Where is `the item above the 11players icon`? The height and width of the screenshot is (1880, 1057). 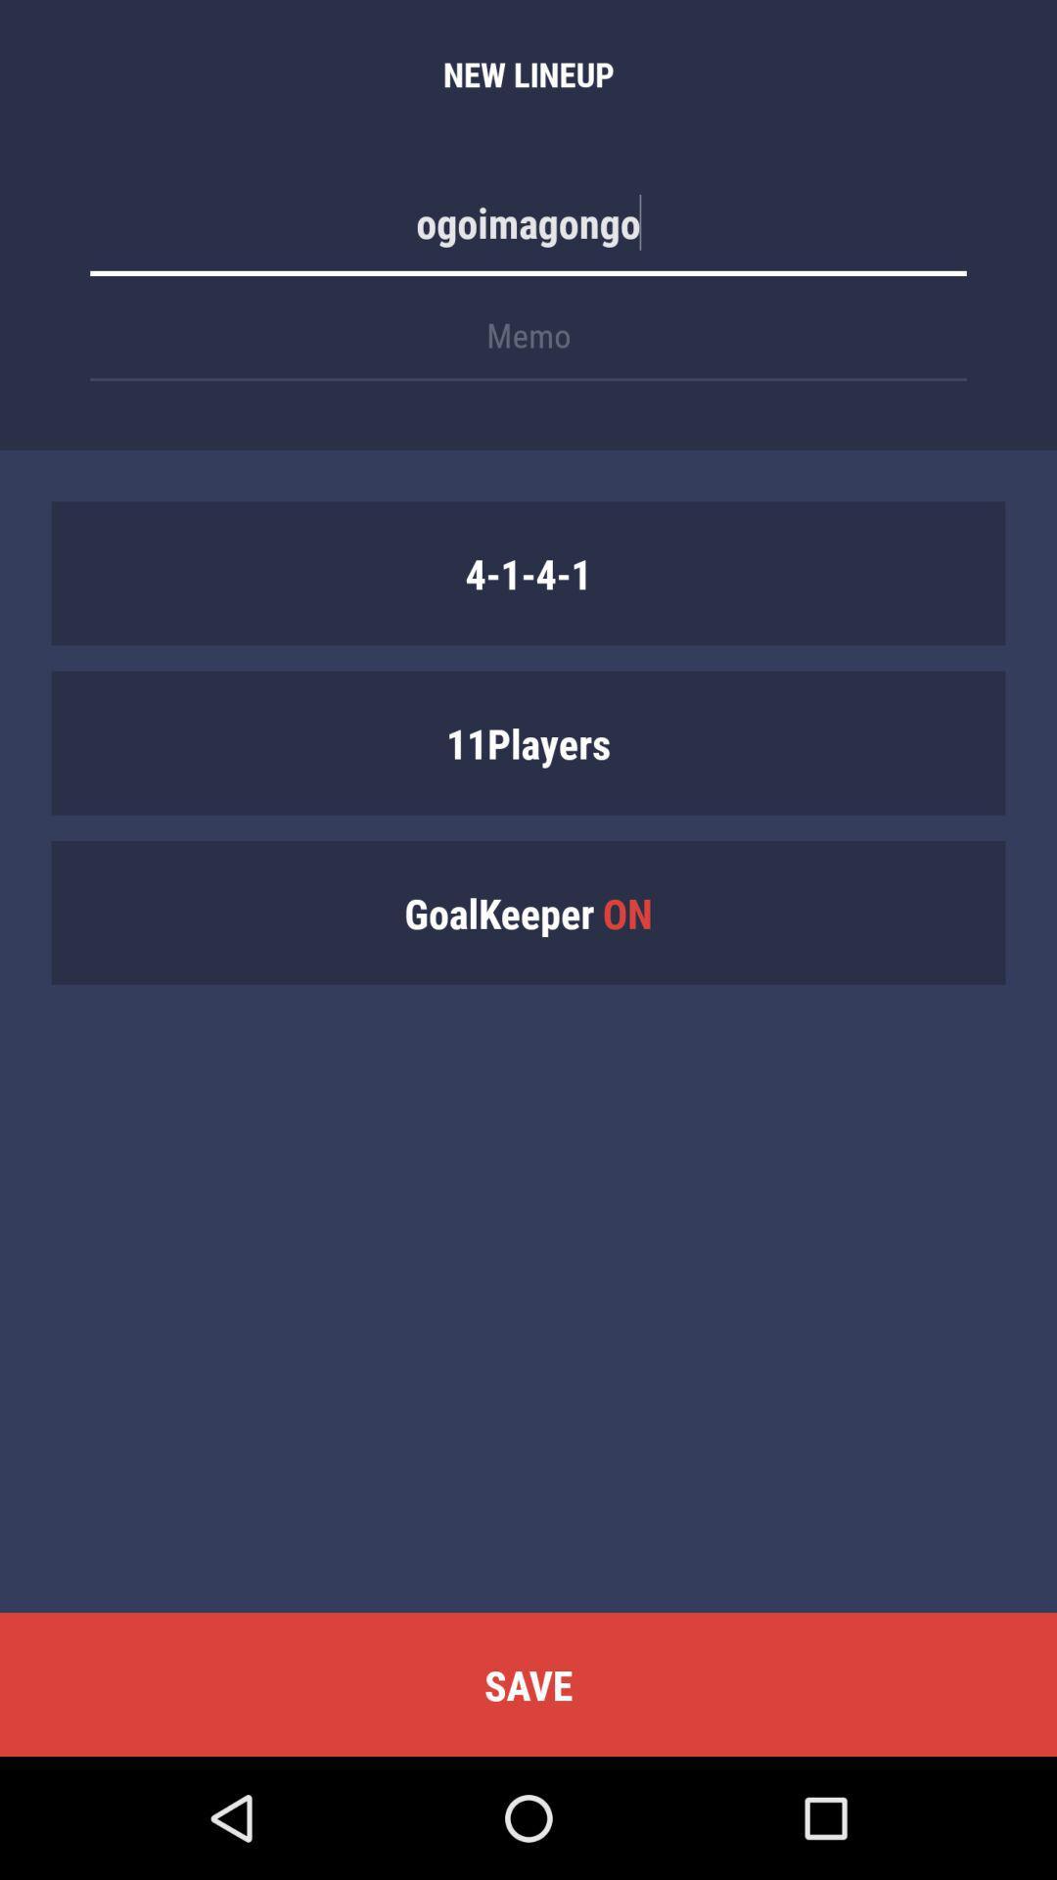 the item above the 11players icon is located at coordinates (528, 572).